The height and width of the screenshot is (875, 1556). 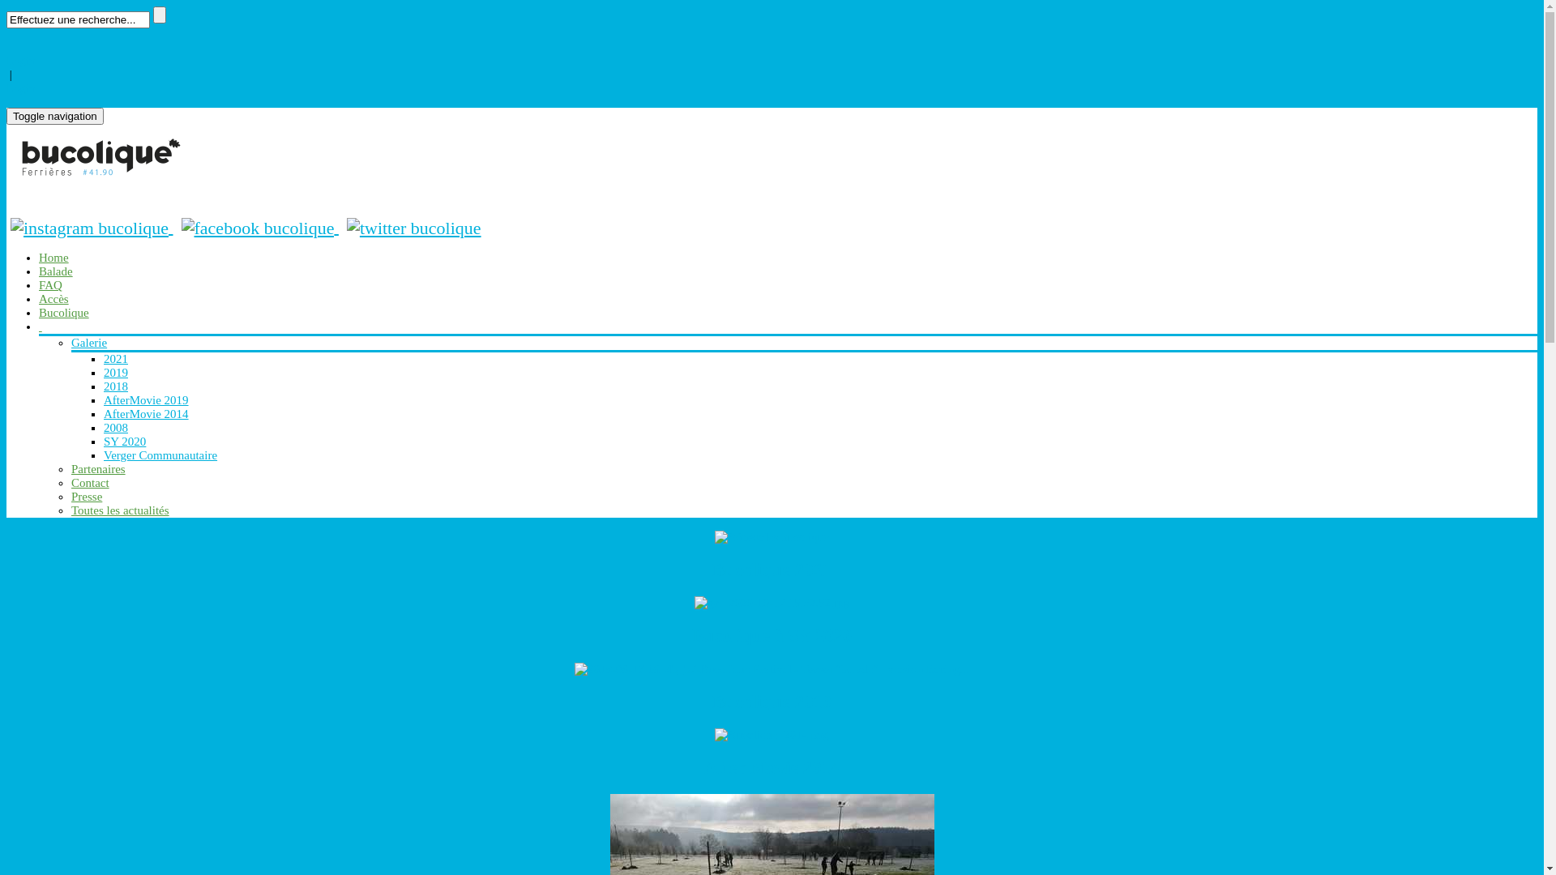 I want to click on '2019', so click(x=771, y=668).